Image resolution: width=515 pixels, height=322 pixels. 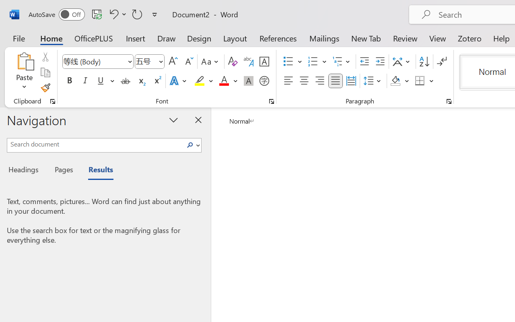 What do you see at coordinates (125, 81) in the screenshot?
I see `'Strikethrough'` at bounding box center [125, 81].